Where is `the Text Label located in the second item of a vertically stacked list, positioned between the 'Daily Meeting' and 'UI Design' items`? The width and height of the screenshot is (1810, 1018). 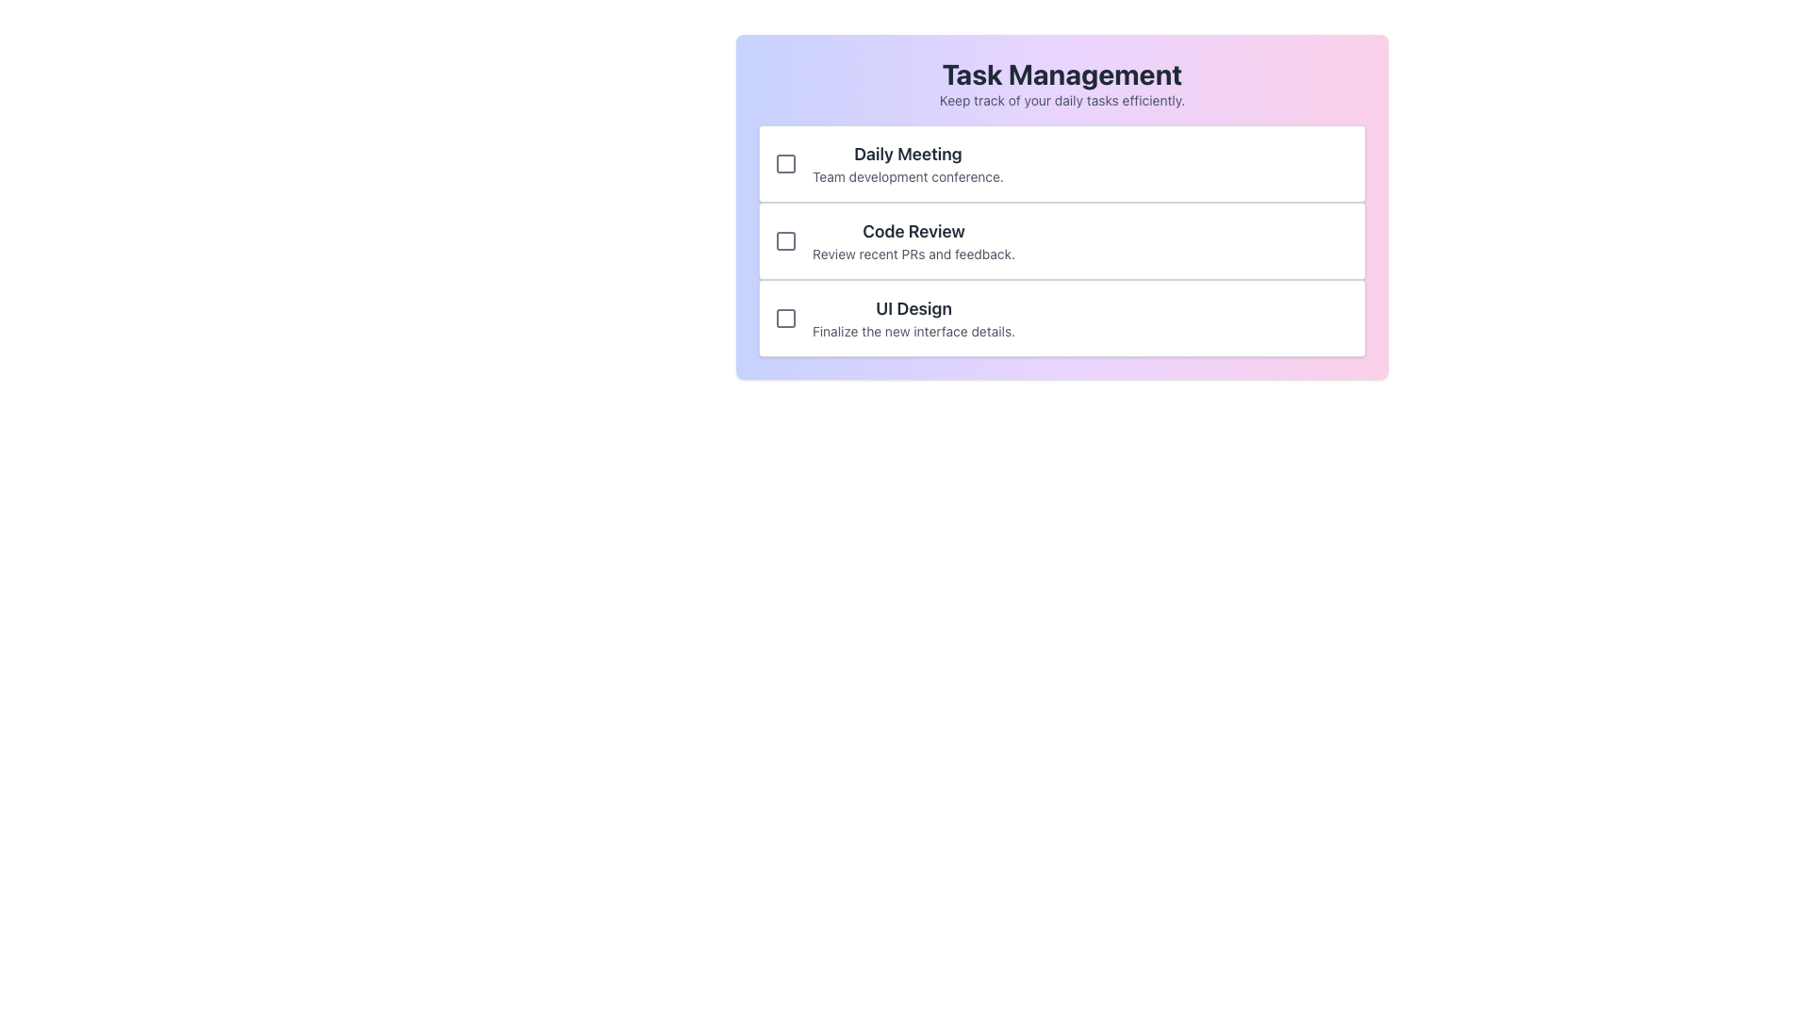 the Text Label located in the second item of a vertically stacked list, positioned between the 'Daily Meeting' and 'UI Design' items is located at coordinates (913, 239).